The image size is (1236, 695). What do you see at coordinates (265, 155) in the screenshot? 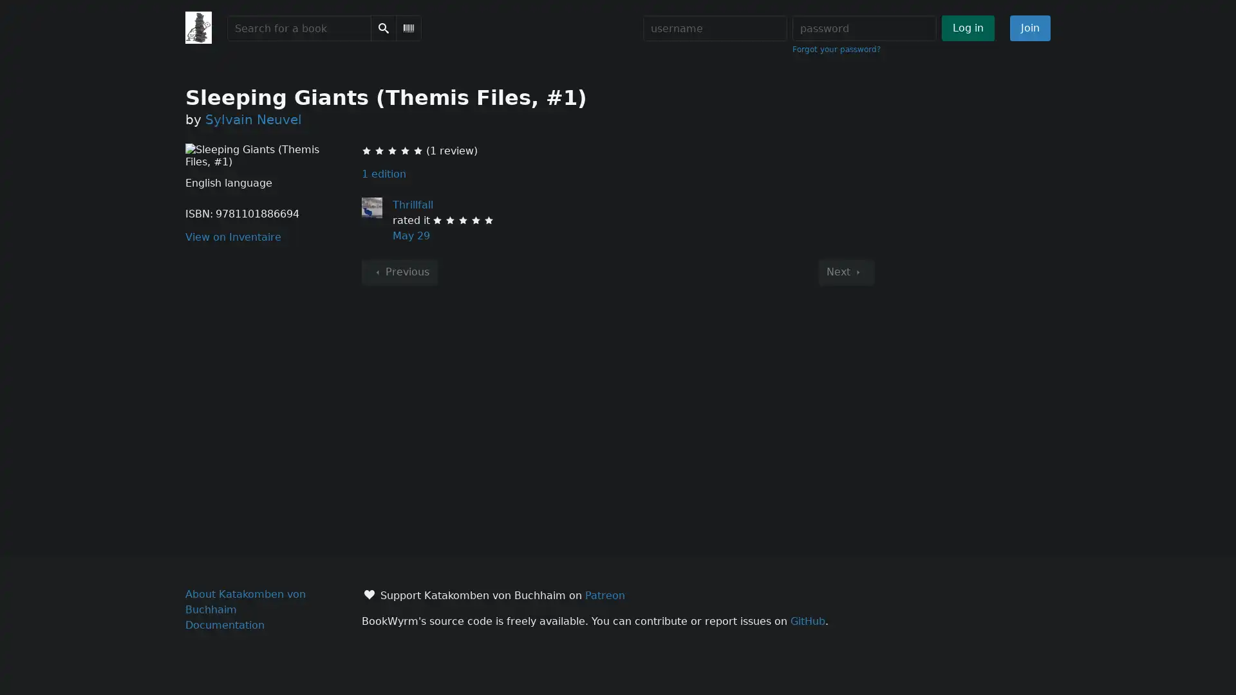
I see `Sleeping Giants (Themis Files, #1) Click to enlarge` at bounding box center [265, 155].